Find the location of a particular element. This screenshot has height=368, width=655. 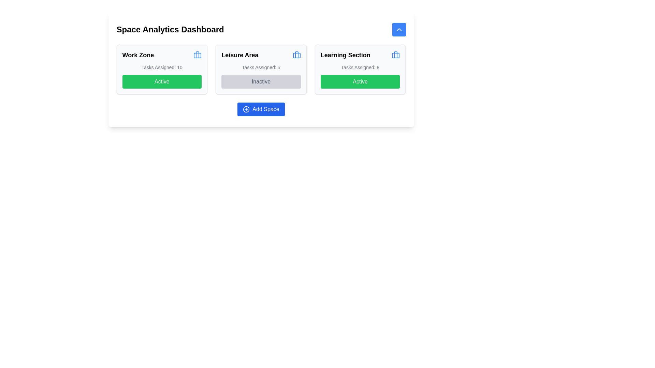

the text display element showing 'Tasks Assigned: 10' beneath the 'Work Zone' header is located at coordinates (161, 67).